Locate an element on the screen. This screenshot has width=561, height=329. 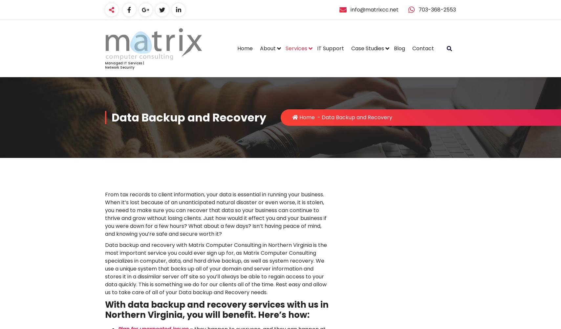
'IT Support' is located at coordinates (330, 48).